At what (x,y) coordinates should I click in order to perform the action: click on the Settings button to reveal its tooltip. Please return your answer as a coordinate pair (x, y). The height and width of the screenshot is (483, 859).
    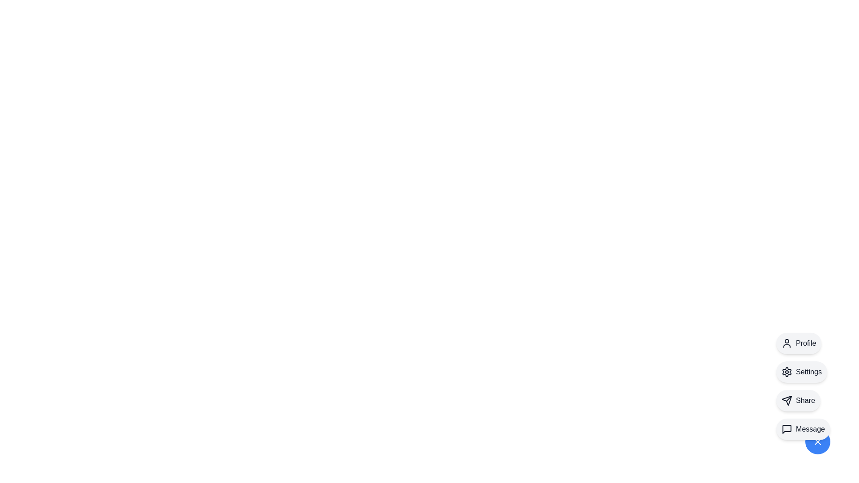
    Looking at the image, I should click on (801, 372).